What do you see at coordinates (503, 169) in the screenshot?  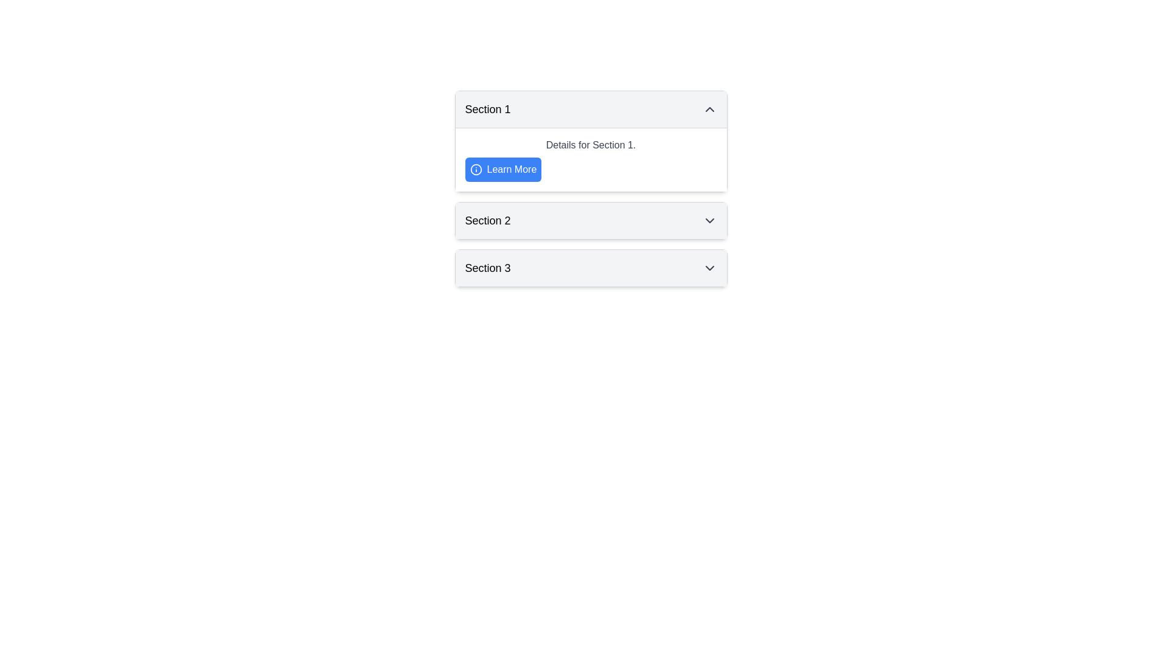 I see `the button located near the bottom center of the expanded 'Section 1' panel, below the text 'Details for Section 1'` at bounding box center [503, 169].